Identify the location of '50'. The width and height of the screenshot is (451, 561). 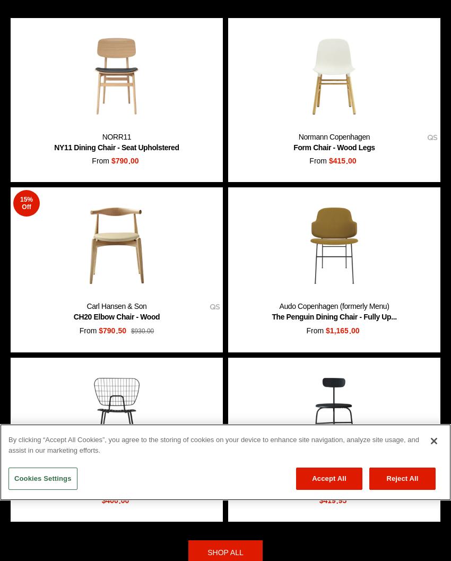
(122, 330).